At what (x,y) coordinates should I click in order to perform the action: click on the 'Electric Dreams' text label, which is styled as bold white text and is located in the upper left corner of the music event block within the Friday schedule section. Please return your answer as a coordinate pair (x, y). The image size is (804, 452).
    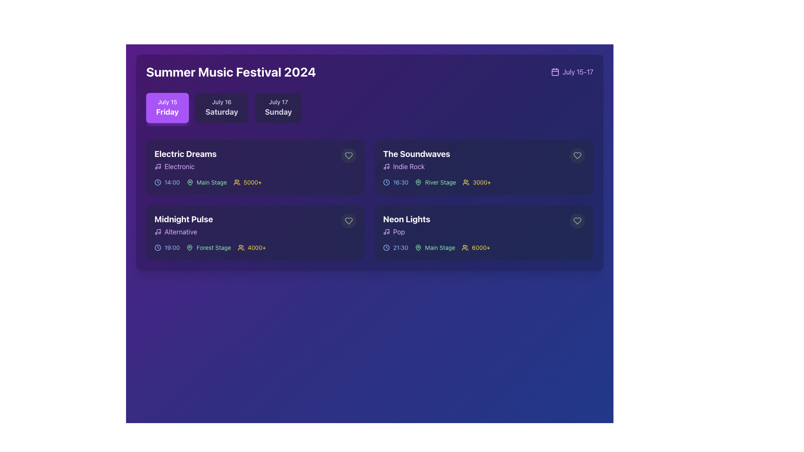
    Looking at the image, I should click on (185, 154).